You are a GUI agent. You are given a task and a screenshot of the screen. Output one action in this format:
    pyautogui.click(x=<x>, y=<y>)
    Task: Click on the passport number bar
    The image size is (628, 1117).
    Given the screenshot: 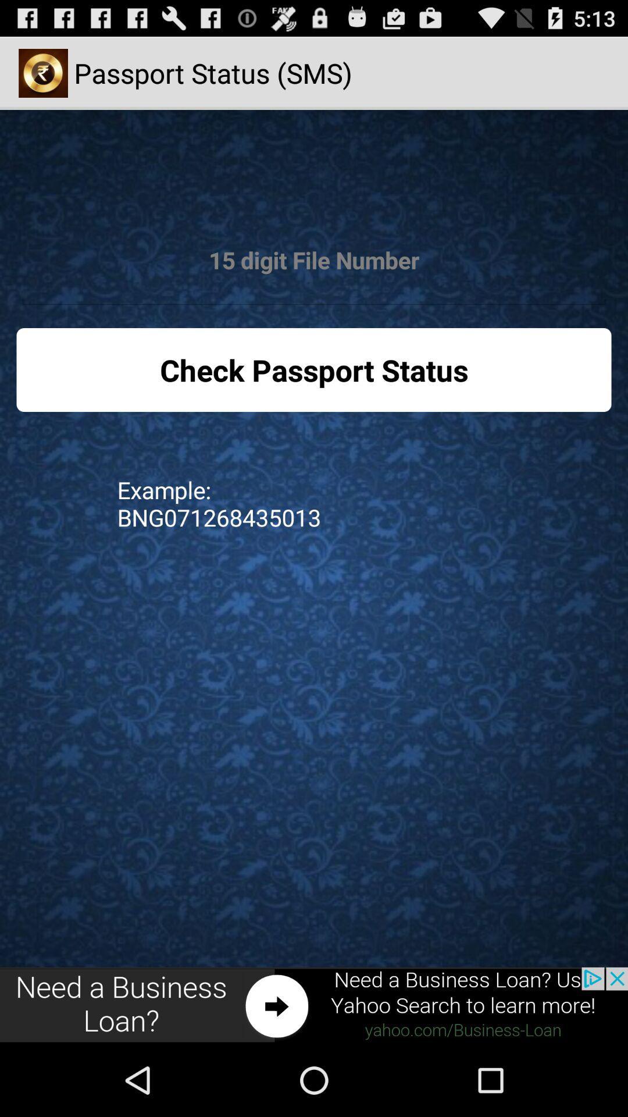 What is the action you would take?
    pyautogui.click(x=314, y=260)
    